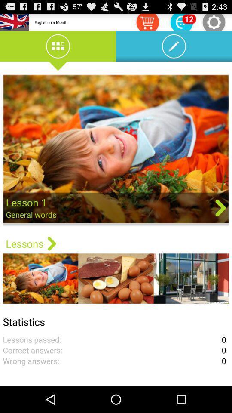  What do you see at coordinates (213, 23) in the screenshot?
I see `the settings icon` at bounding box center [213, 23].